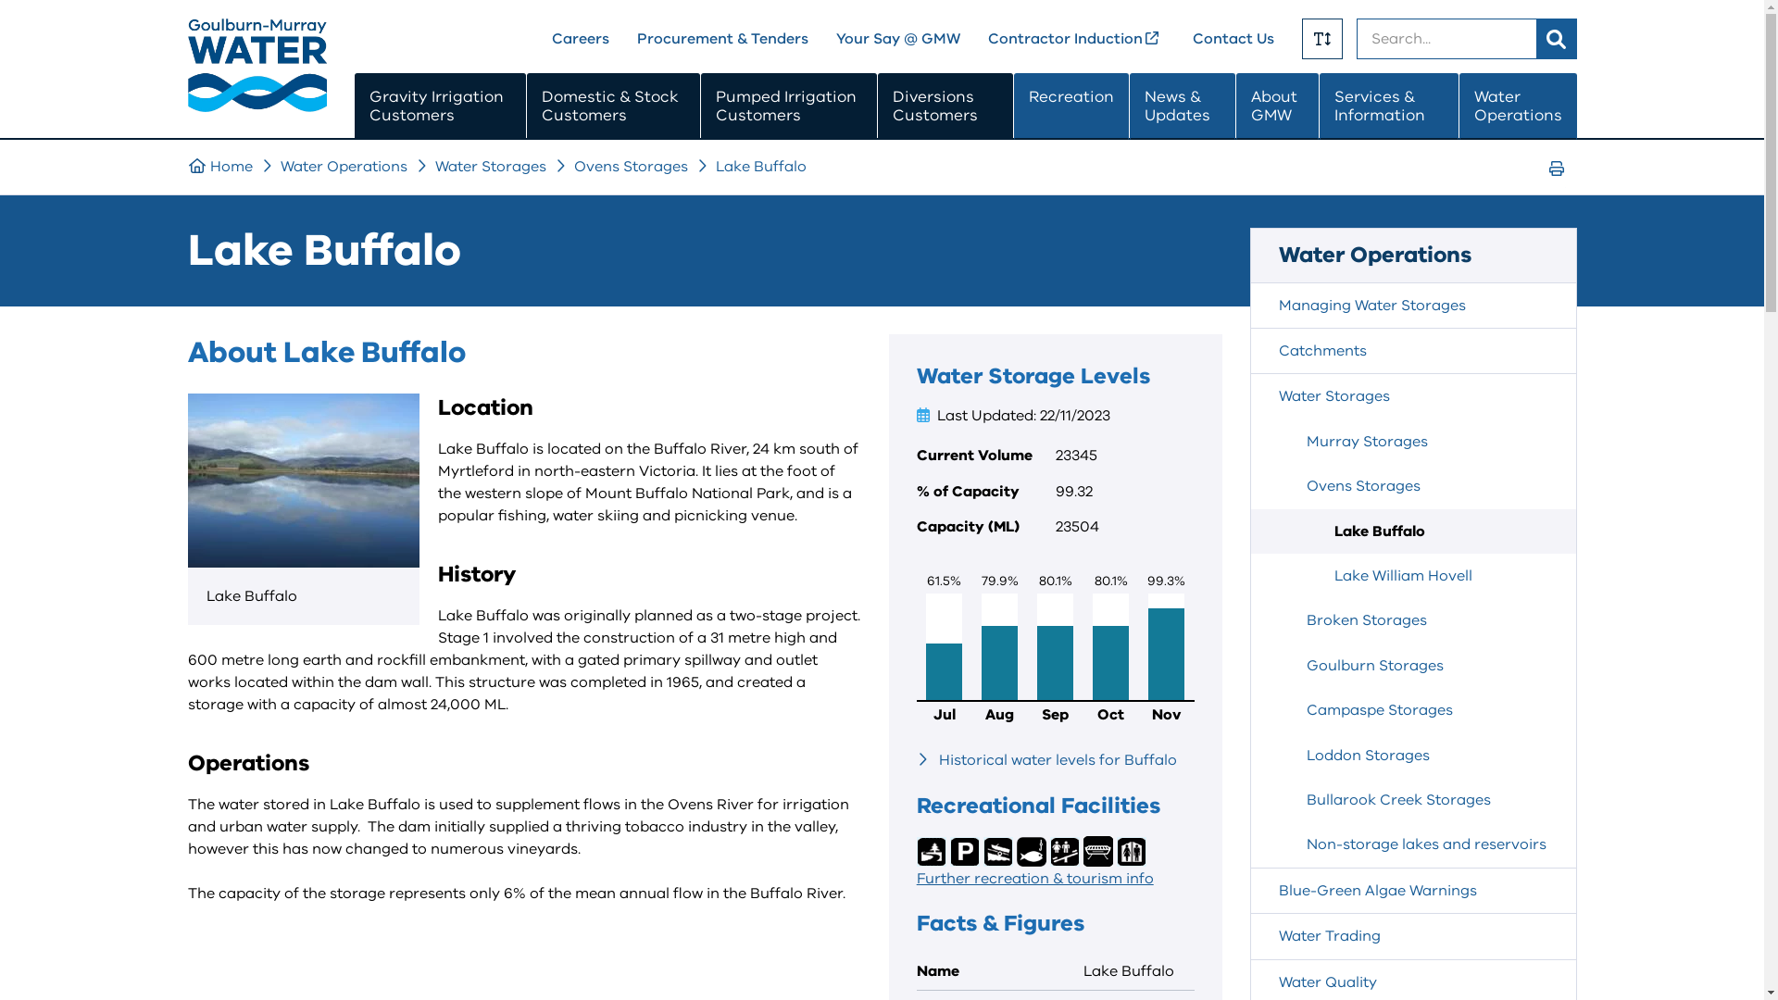 The width and height of the screenshot is (1778, 1000). What do you see at coordinates (613, 106) in the screenshot?
I see `'Domestic & Stock Customers'` at bounding box center [613, 106].